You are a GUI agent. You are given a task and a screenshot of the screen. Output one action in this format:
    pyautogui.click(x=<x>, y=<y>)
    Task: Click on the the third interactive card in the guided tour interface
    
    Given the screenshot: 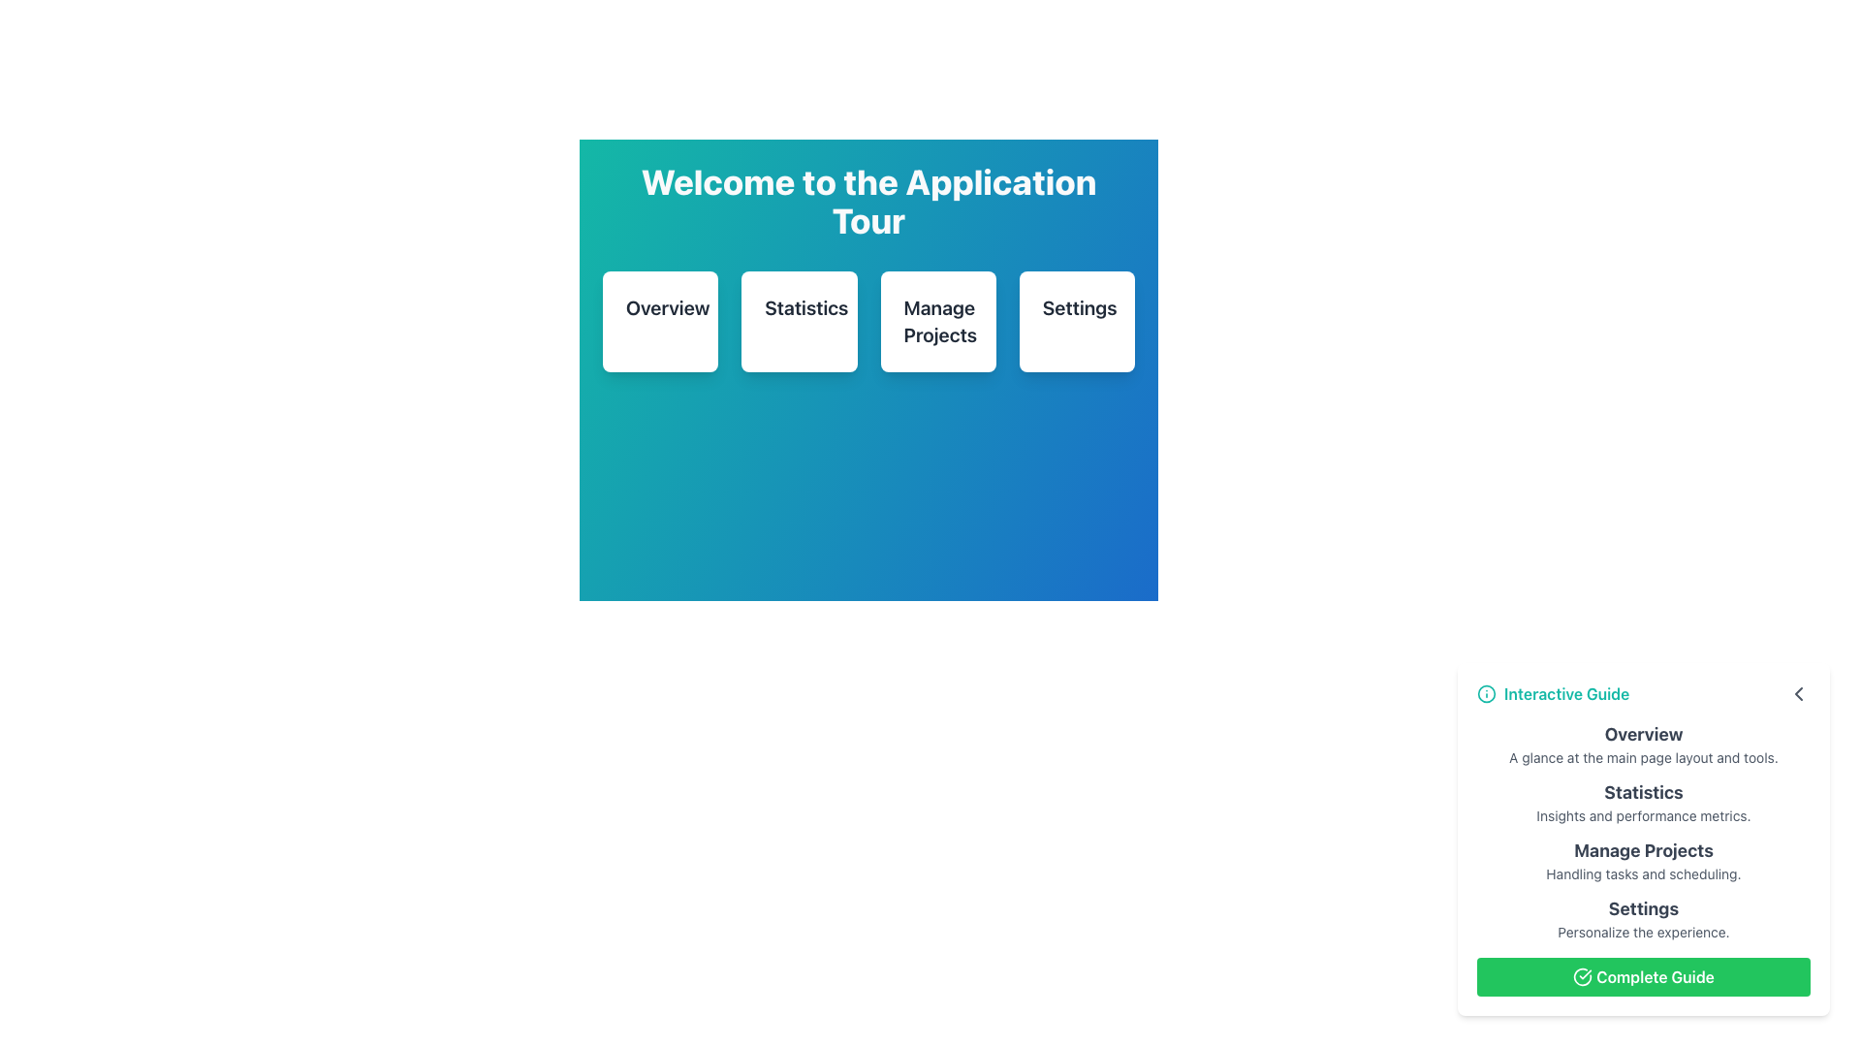 What is the action you would take?
    pyautogui.click(x=867, y=359)
    